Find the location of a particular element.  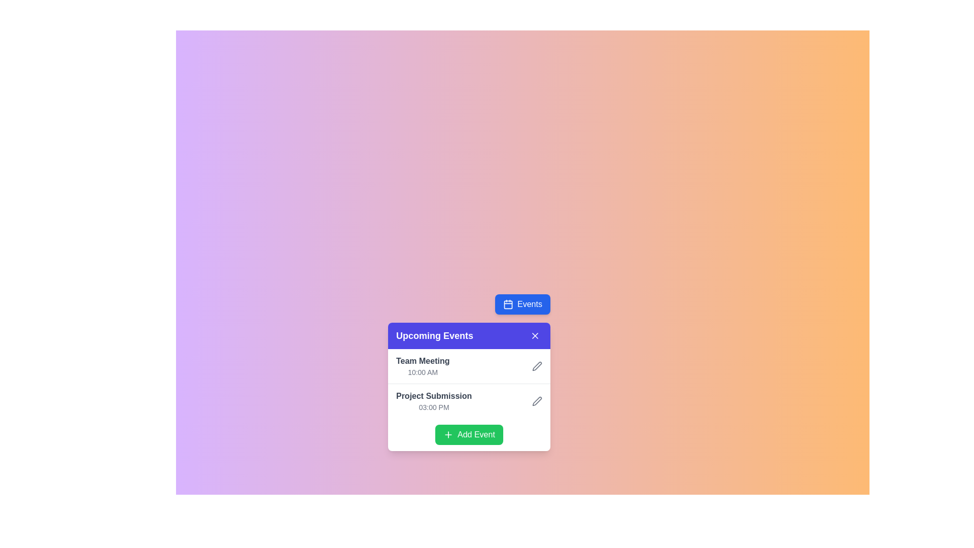

the Text Label that serves as a title or header for the section or card, located in the top-left corner of its purple header section is located at coordinates (434, 336).